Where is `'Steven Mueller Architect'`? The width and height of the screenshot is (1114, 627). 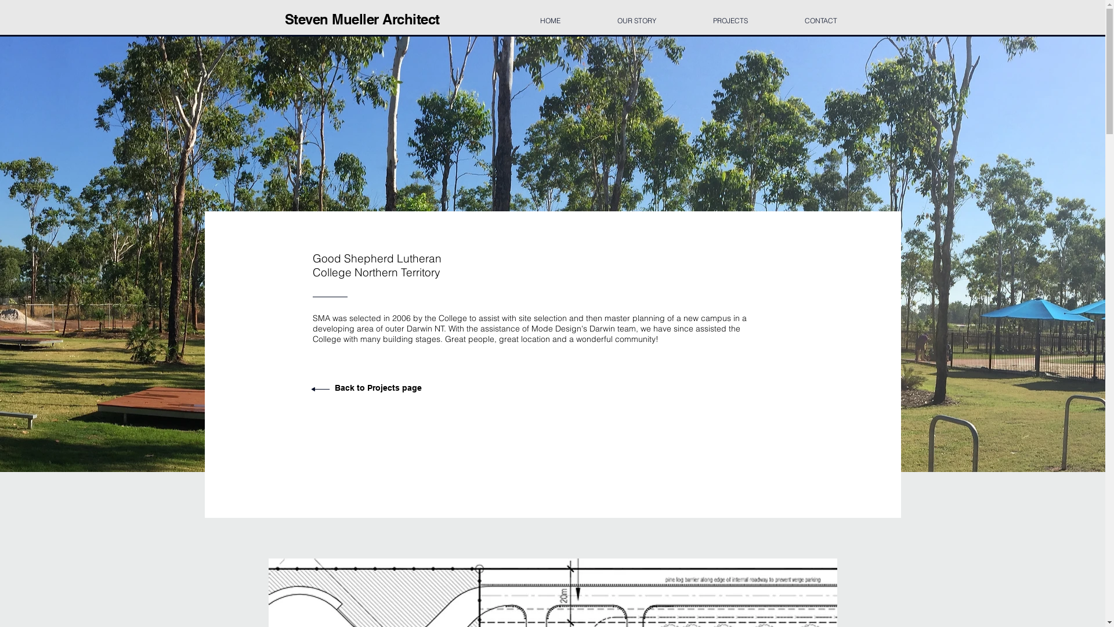 'Steven Mueller Architect' is located at coordinates (284, 19).